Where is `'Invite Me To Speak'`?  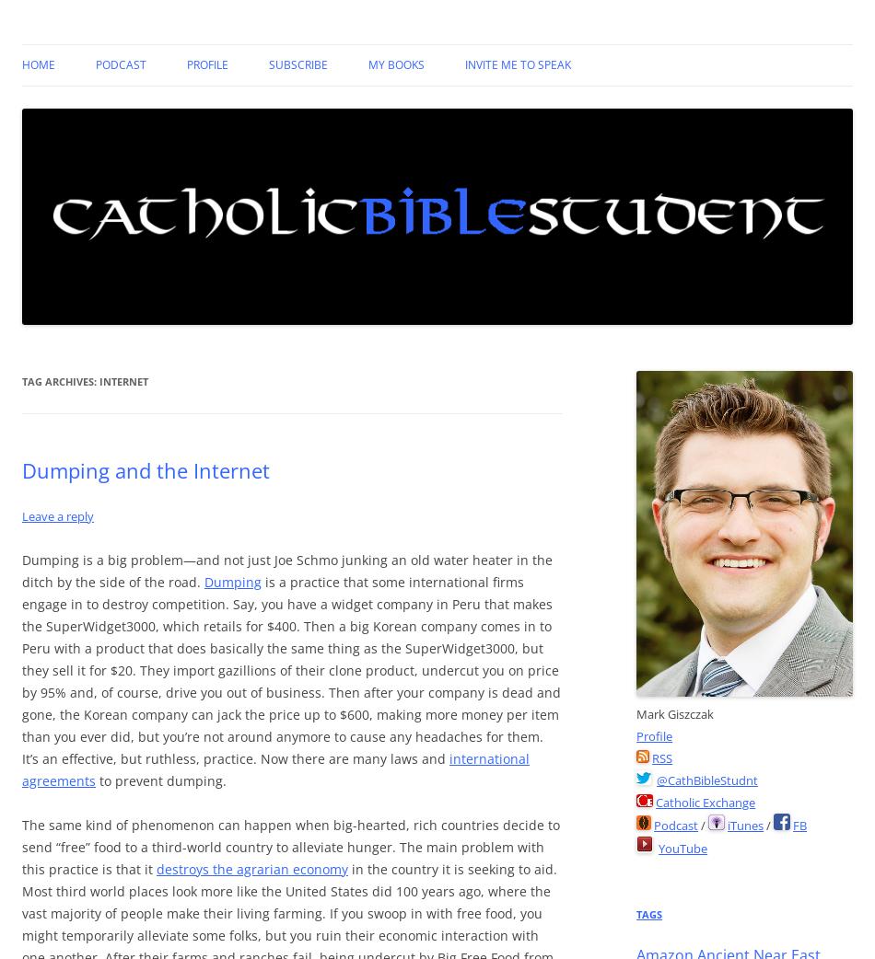 'Invite Me To Speak' is located at coordinates (518, 64).